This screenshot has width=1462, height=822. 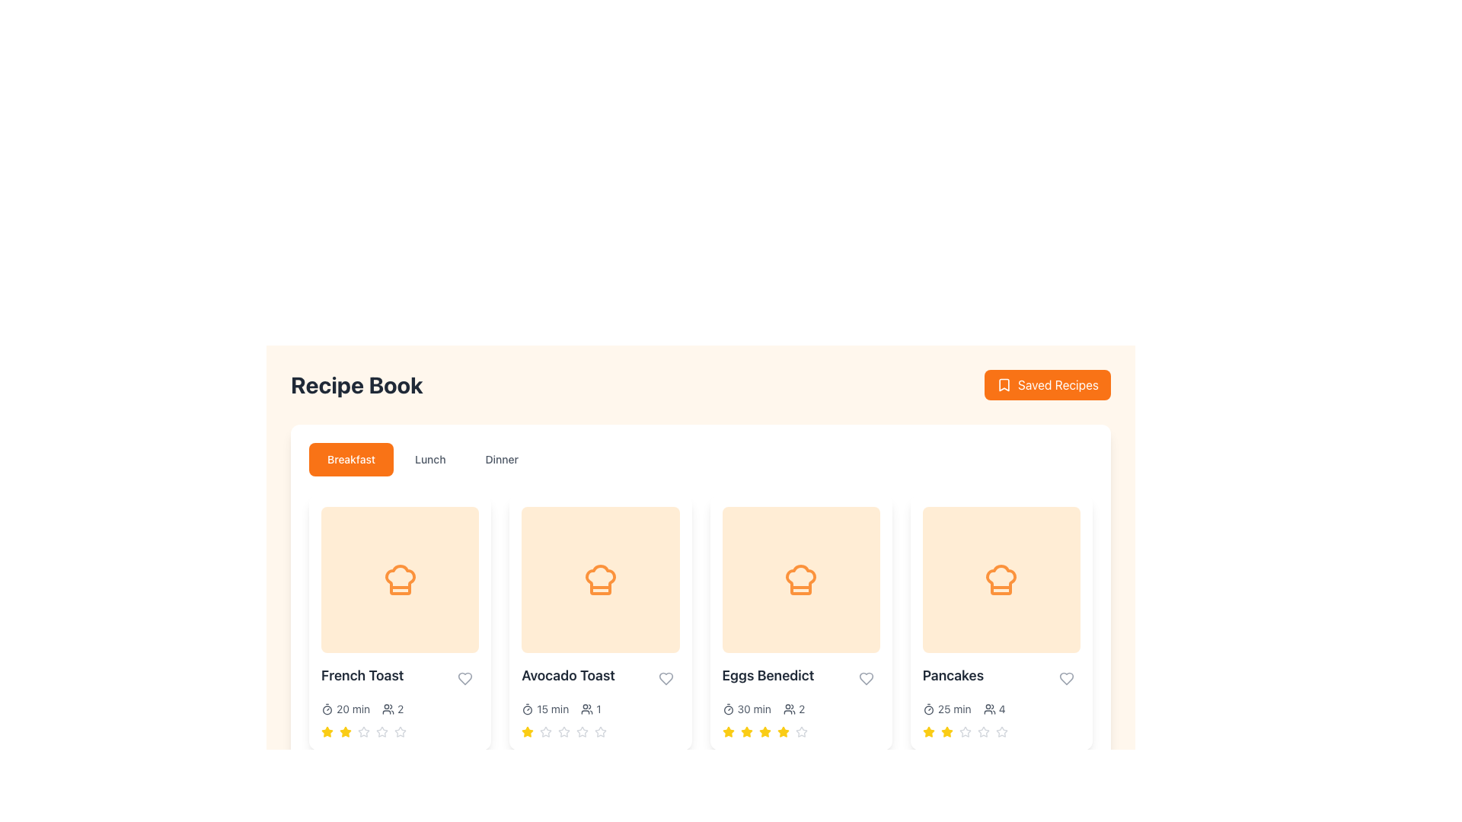 What do you see at coordinates (1066, 677) in the screenshot?
I see `the small circular button with a heart icon to mark the 'Pancakes' recipe as favorite` at bounding box center [1066, 677].